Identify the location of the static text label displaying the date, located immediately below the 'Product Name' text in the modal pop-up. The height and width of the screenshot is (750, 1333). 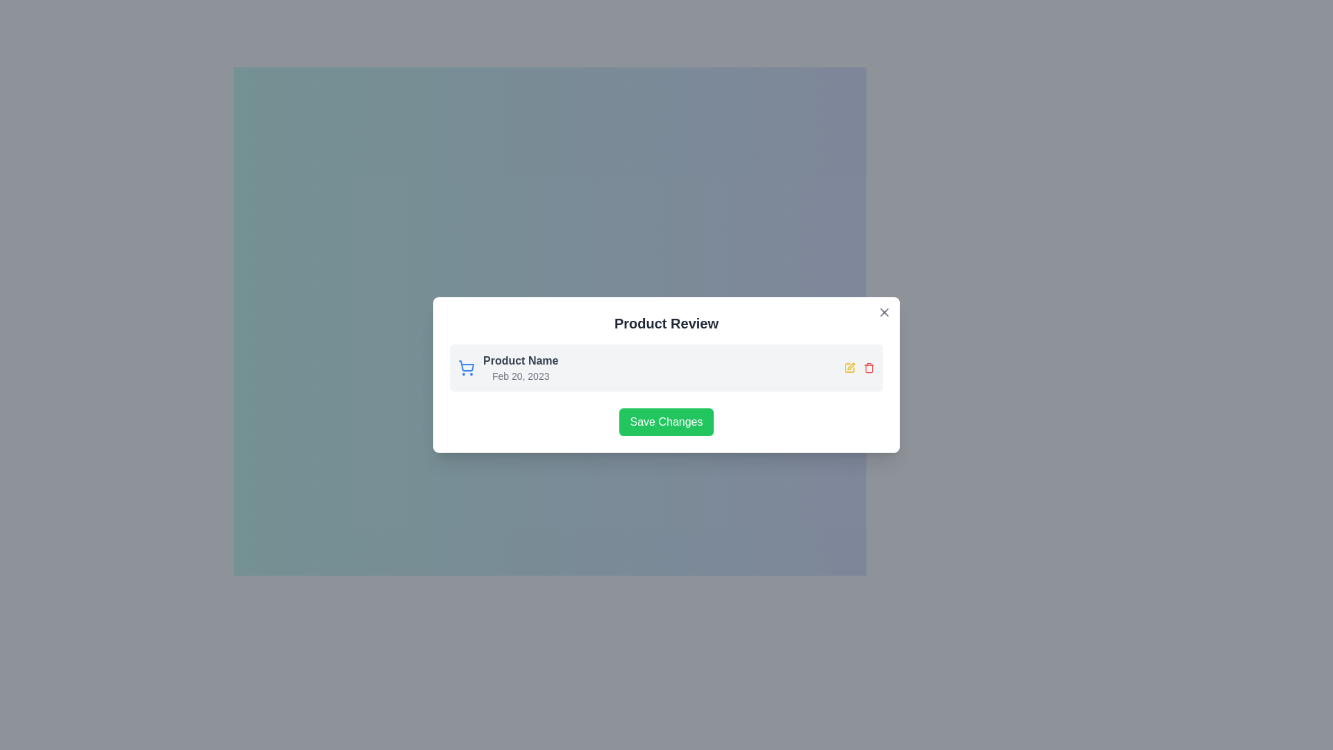
(520, 376).